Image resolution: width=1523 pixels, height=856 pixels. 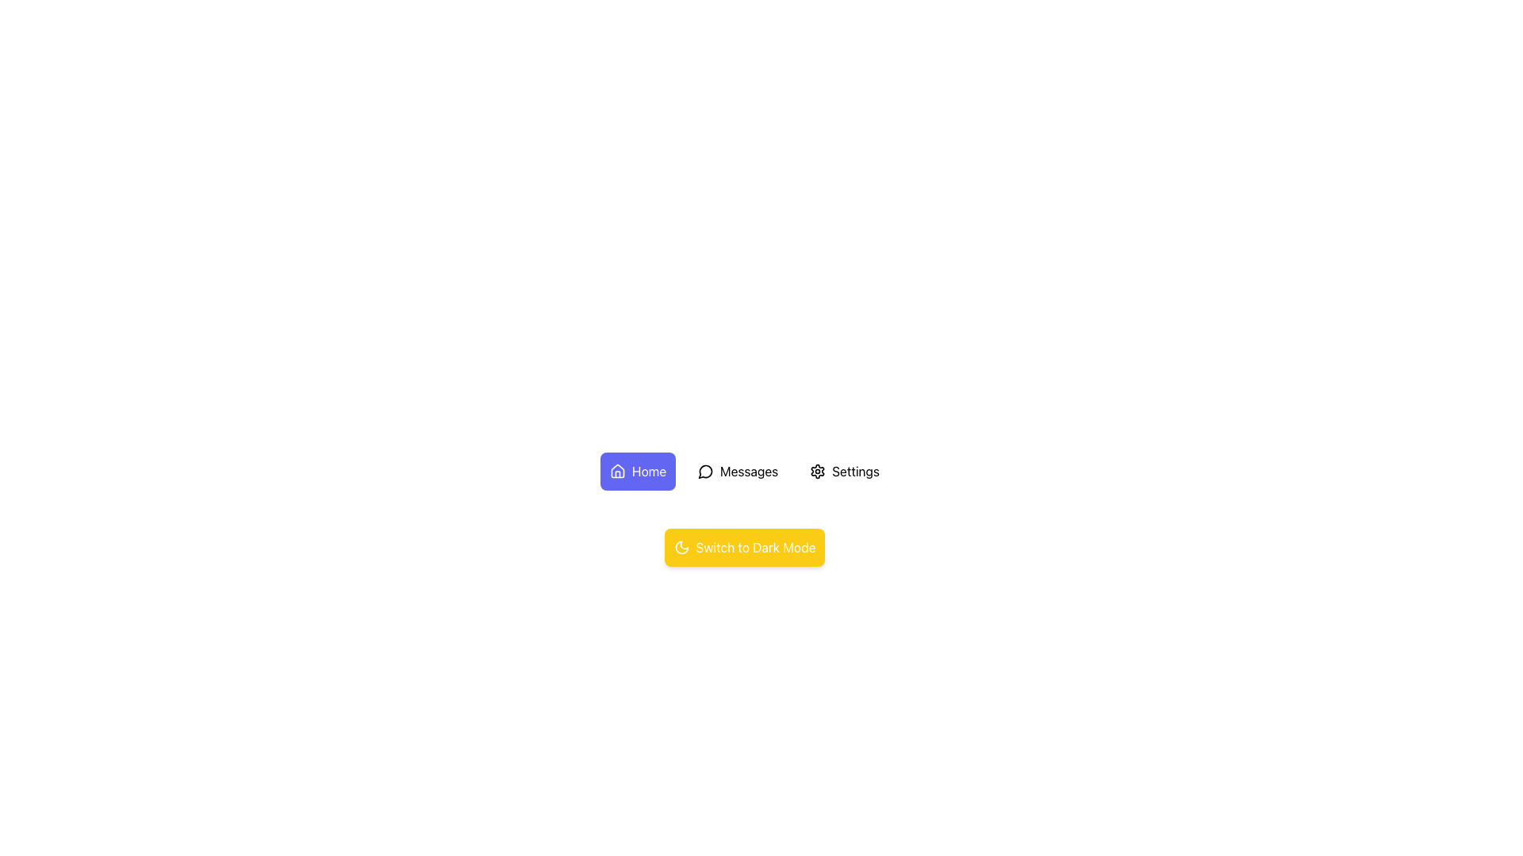 I want to click on the 'Settings' button located in the navigation bar, which is the third item from the left, so click(x=844, y=470).